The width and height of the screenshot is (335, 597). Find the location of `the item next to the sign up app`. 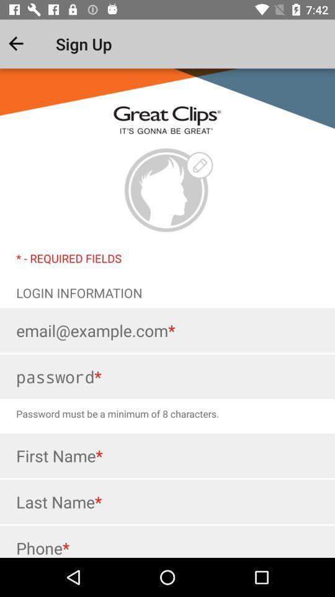

the item next to the sign up app is located at coordinates (26, 44).